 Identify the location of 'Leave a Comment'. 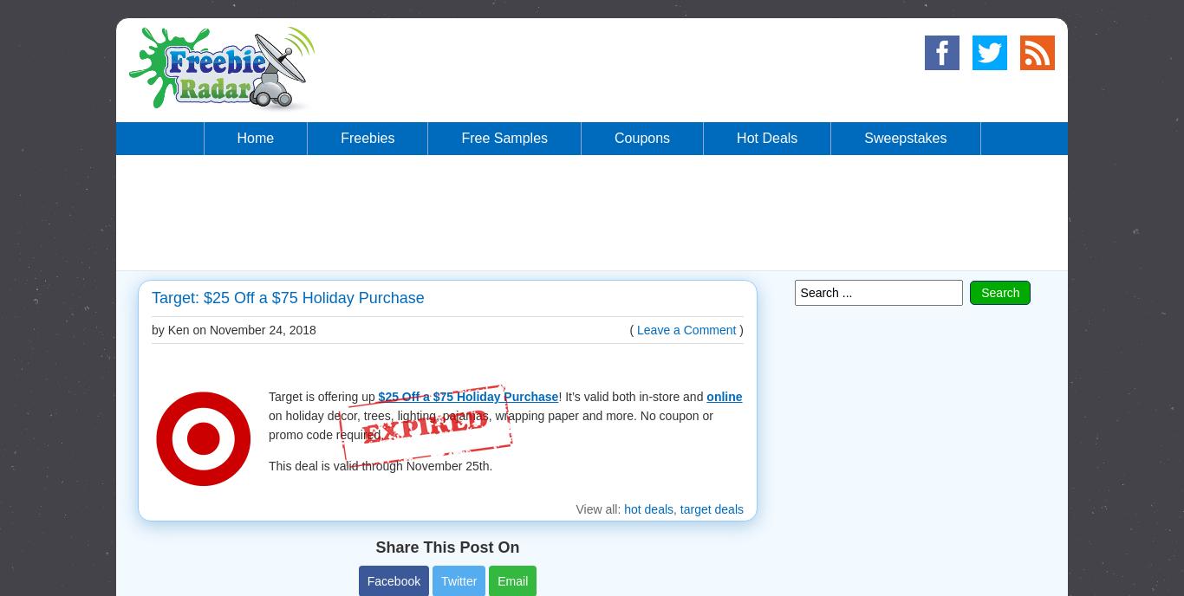
(686, 327).